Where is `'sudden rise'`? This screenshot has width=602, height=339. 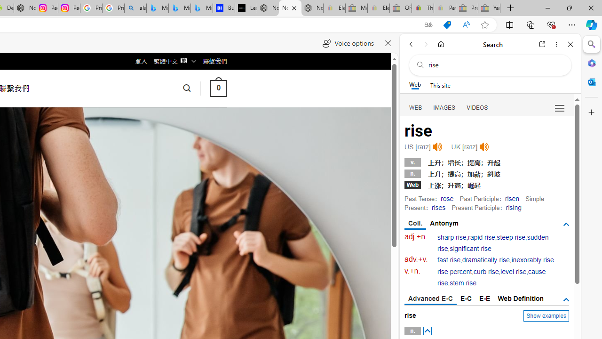 'sudden rise' is located at coordinates (492, 242).